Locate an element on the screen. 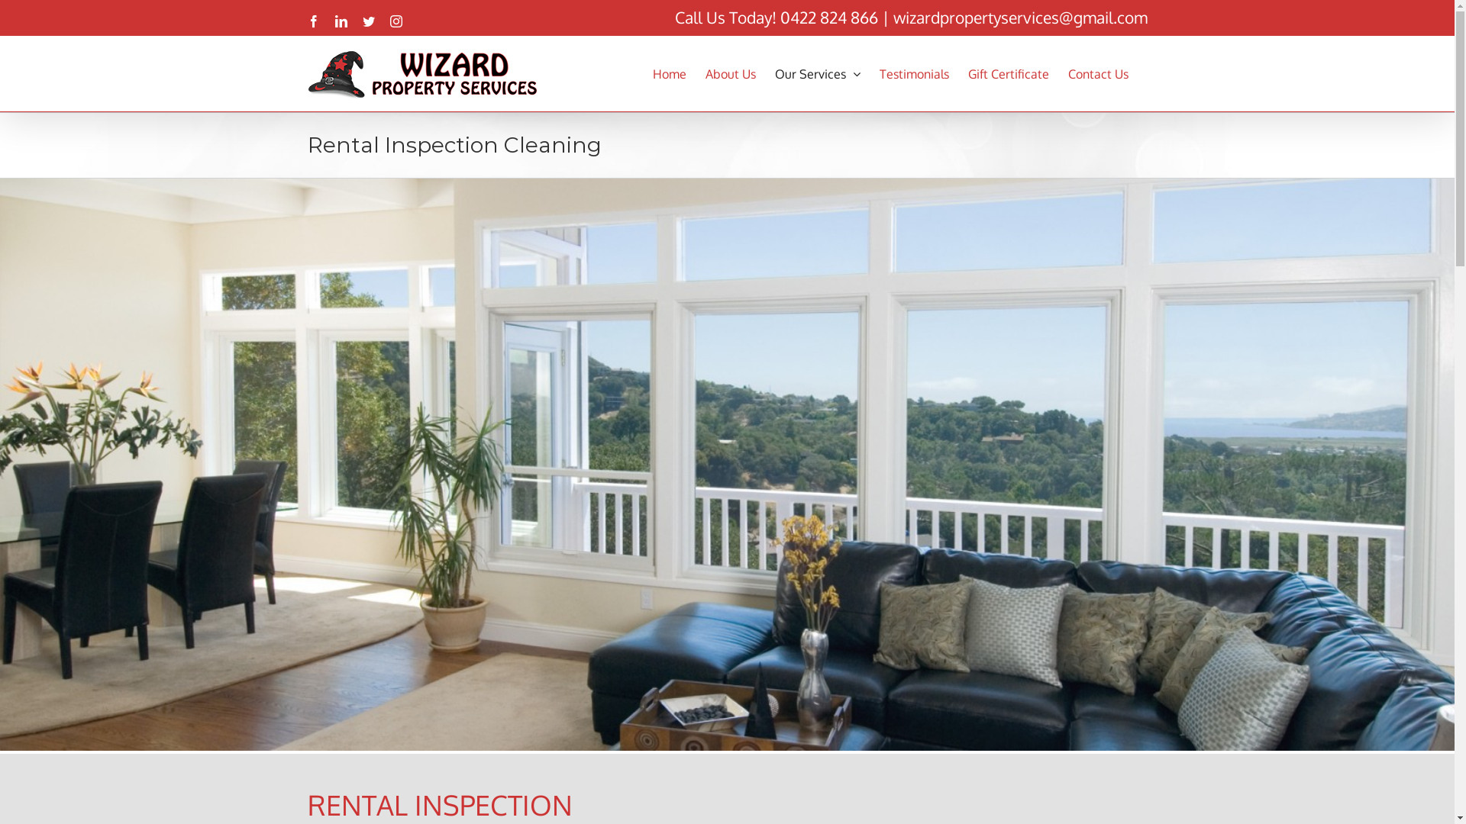  'Facebook' is located at coordinates (312, 21).